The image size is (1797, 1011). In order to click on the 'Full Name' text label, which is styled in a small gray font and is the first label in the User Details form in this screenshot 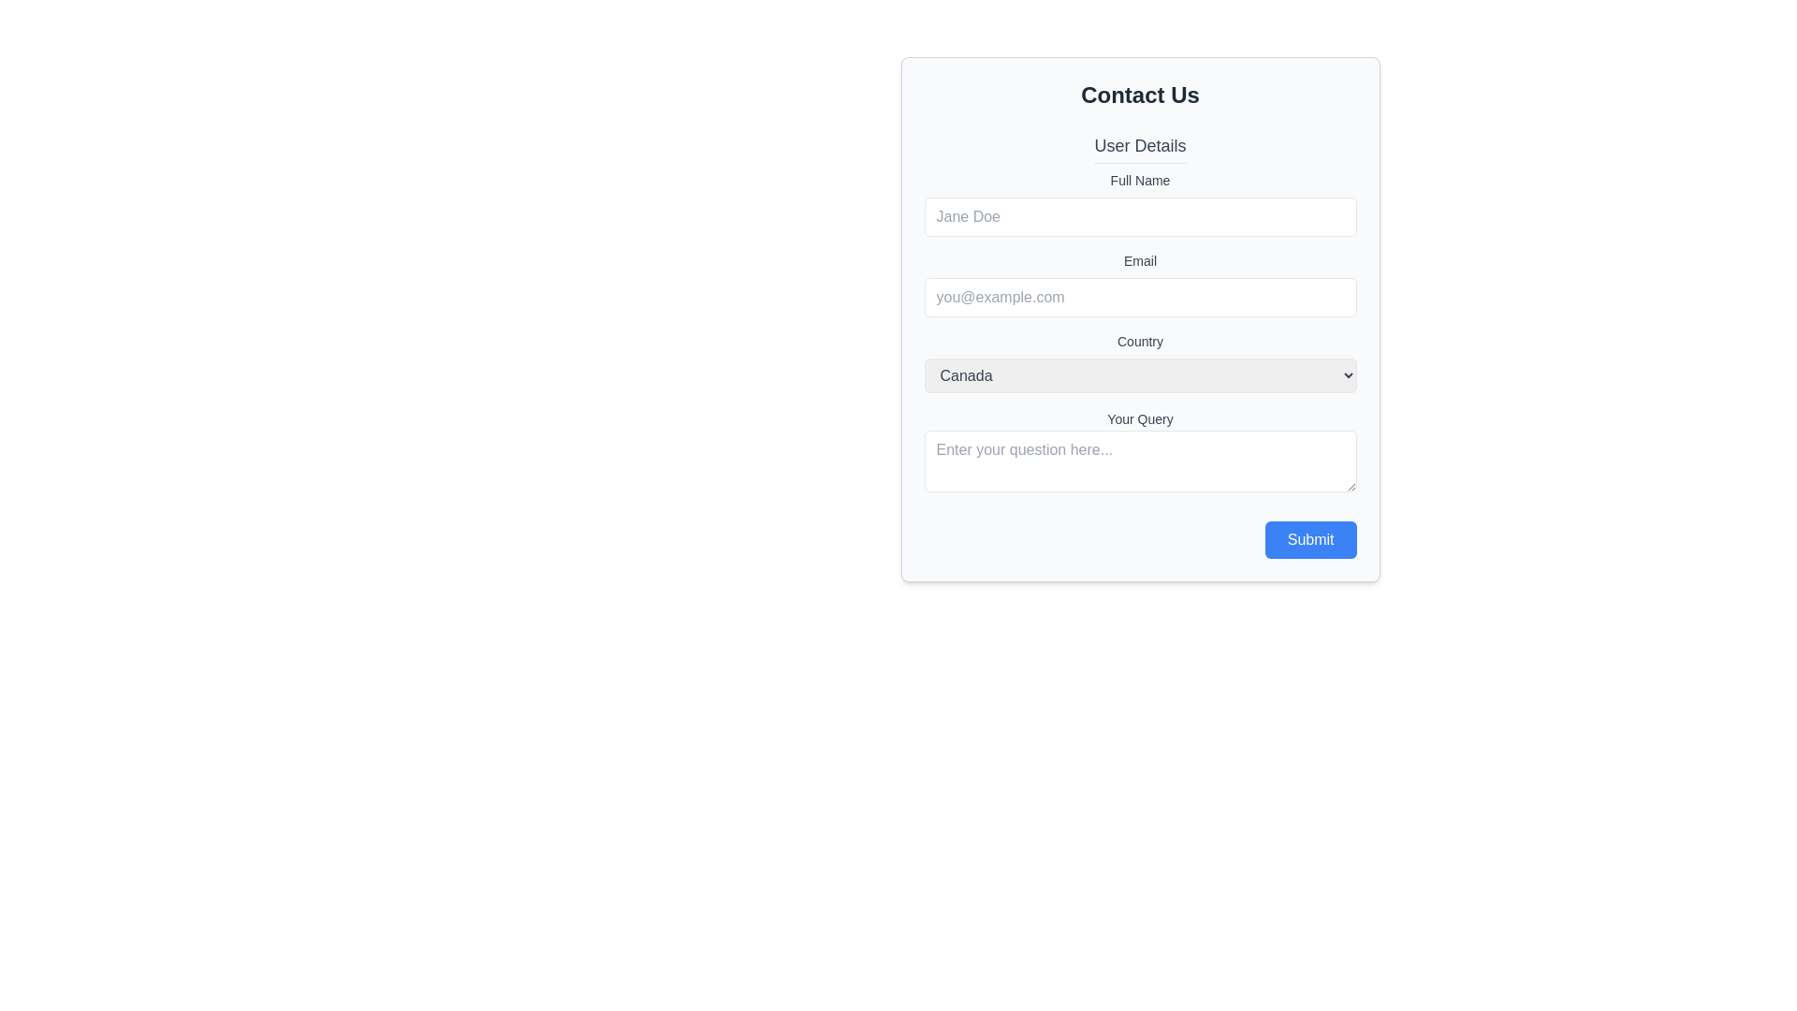, I will do `click(1139, 180)`.